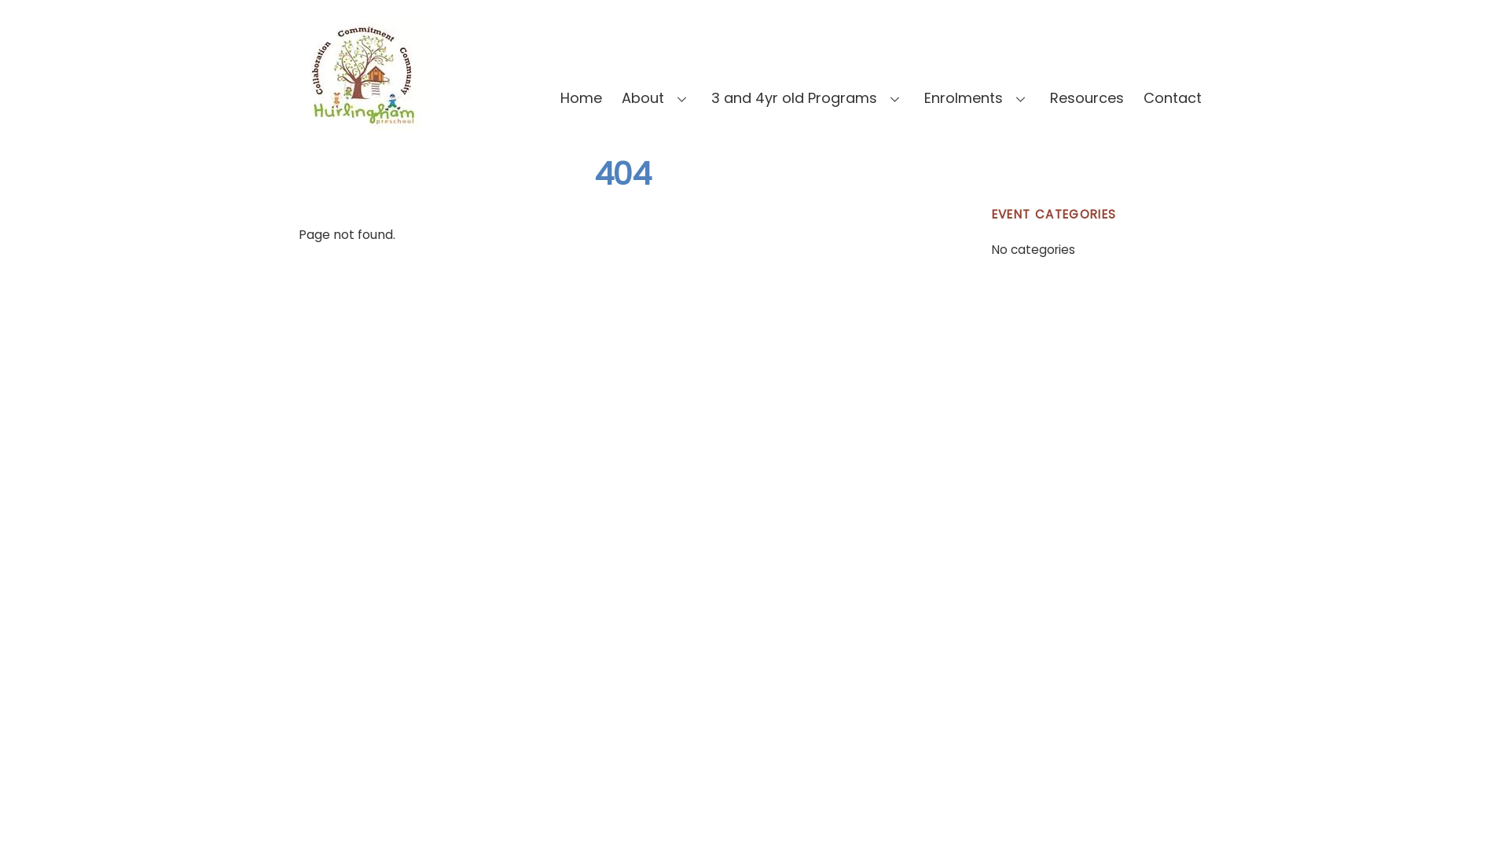 The image size is (1509, 849). I want to click on 'logo_01', so click(361, 74).